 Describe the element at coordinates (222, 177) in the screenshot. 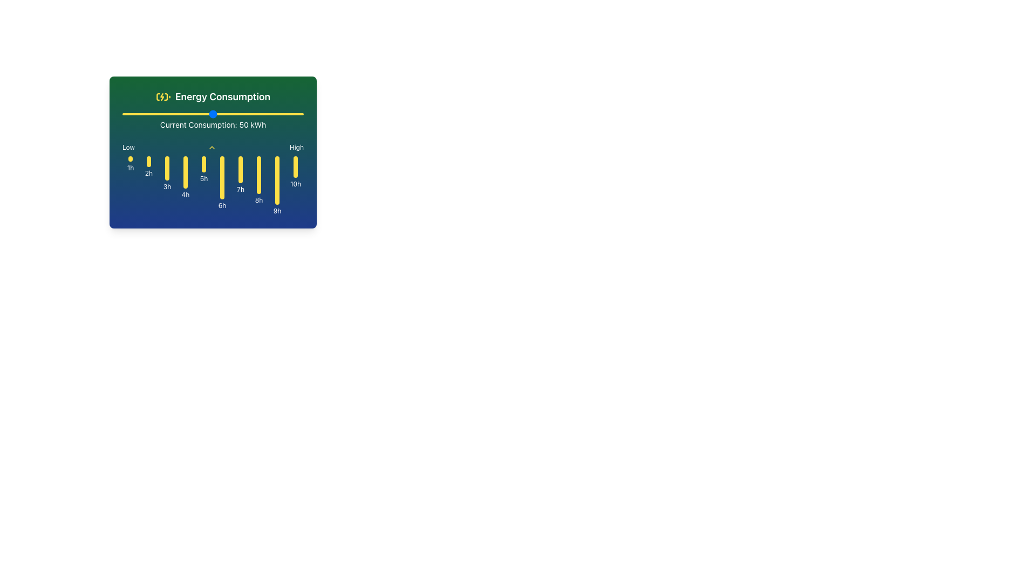

I see `the 6th yellow vertical bar of the bar chart, which is centrally located and has a label '6h' below it` at that location.